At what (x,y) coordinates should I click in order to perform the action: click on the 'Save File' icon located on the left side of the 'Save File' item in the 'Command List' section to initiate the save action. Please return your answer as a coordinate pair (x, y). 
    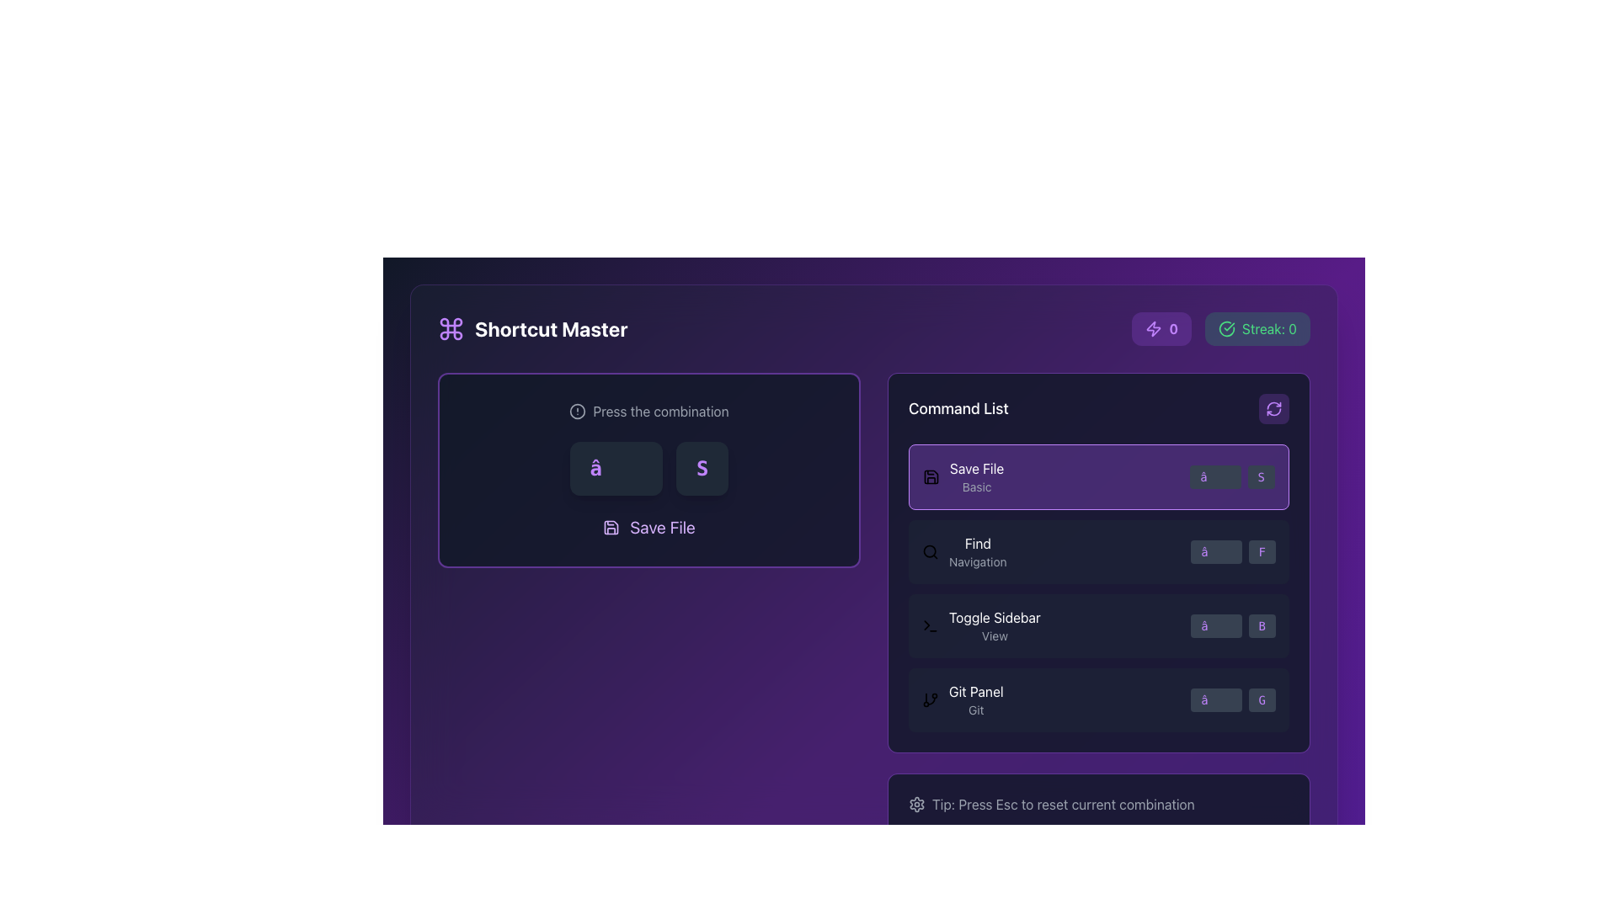
    Looking at the image, I should click on (930, 477).